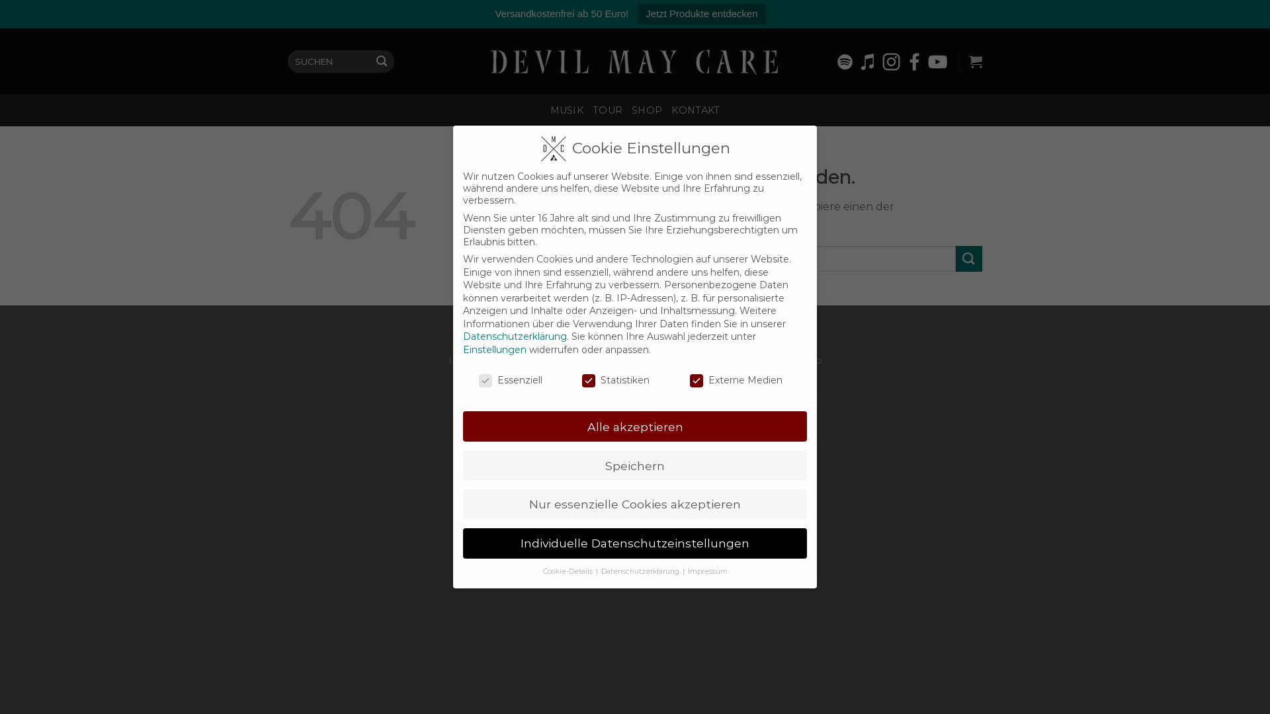 The height and width of the screenshot is (714, 1270). I want to click on 'Jetzt Produkte entdecken', so click(700, 14).